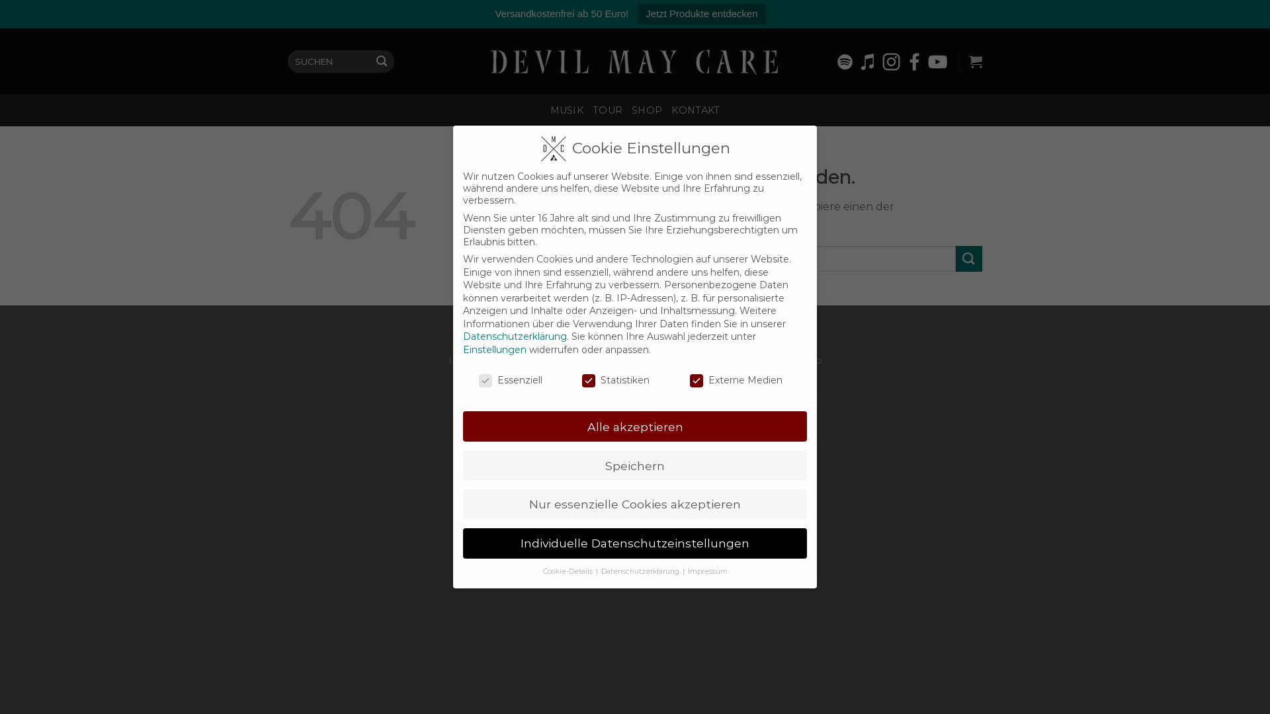 The height and width of the screenshot is (714, 1270). I want to click on 'Jetzt Produkte entdecken', so click(700, 14).